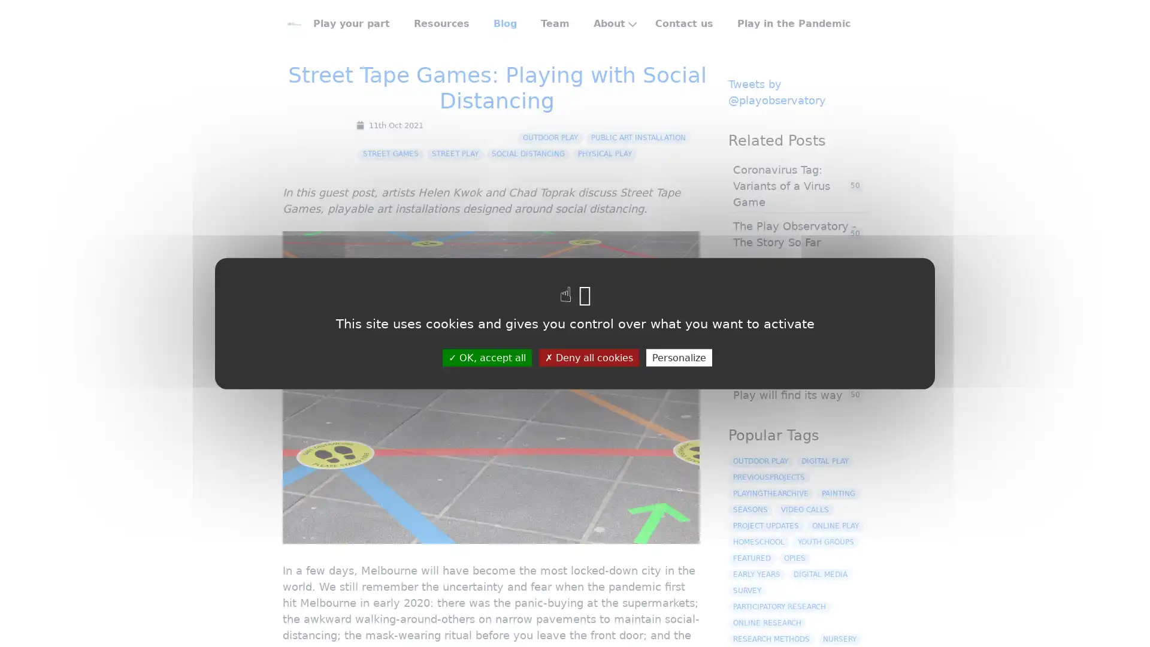 The height and width of the screenshot is (647, 1150). What do you see at coordinates (486, 356) in the screenshot?
I see `OK, accept all` at bounding box center [486, 356].